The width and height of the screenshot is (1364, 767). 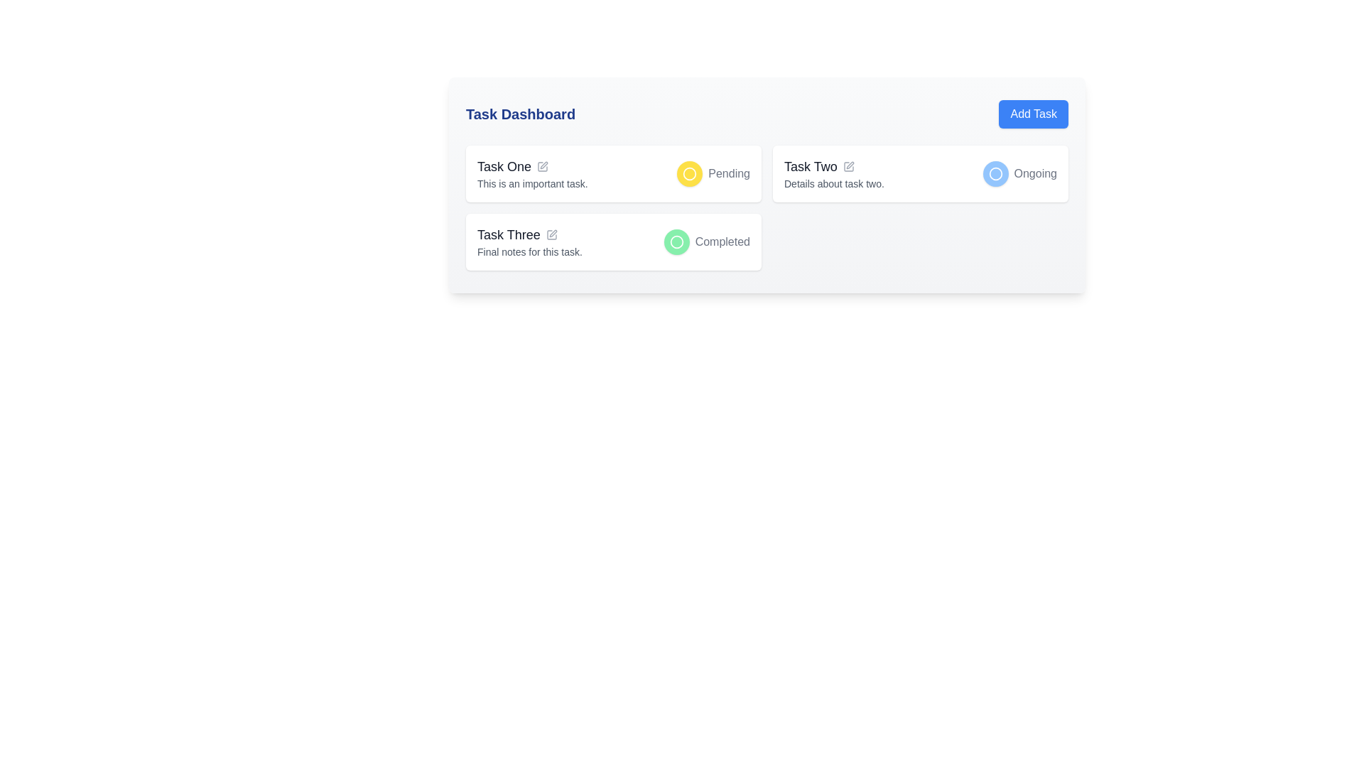 What do you see at coordinates (834, 166) in the screenshot?
I see `the 'Task Two' text element with the accompanying pen icon in the task dashboard` at bounding box center [834, 166].